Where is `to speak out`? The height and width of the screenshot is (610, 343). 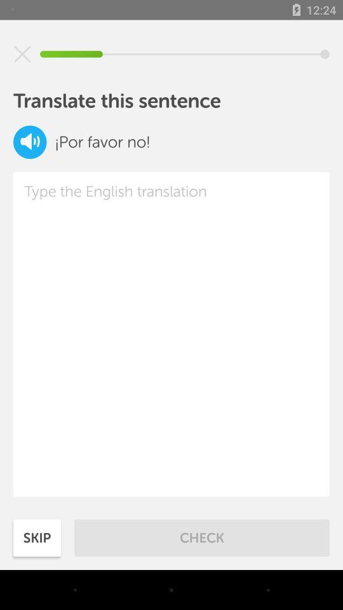
to speak out is located at coordinates (30, 142).